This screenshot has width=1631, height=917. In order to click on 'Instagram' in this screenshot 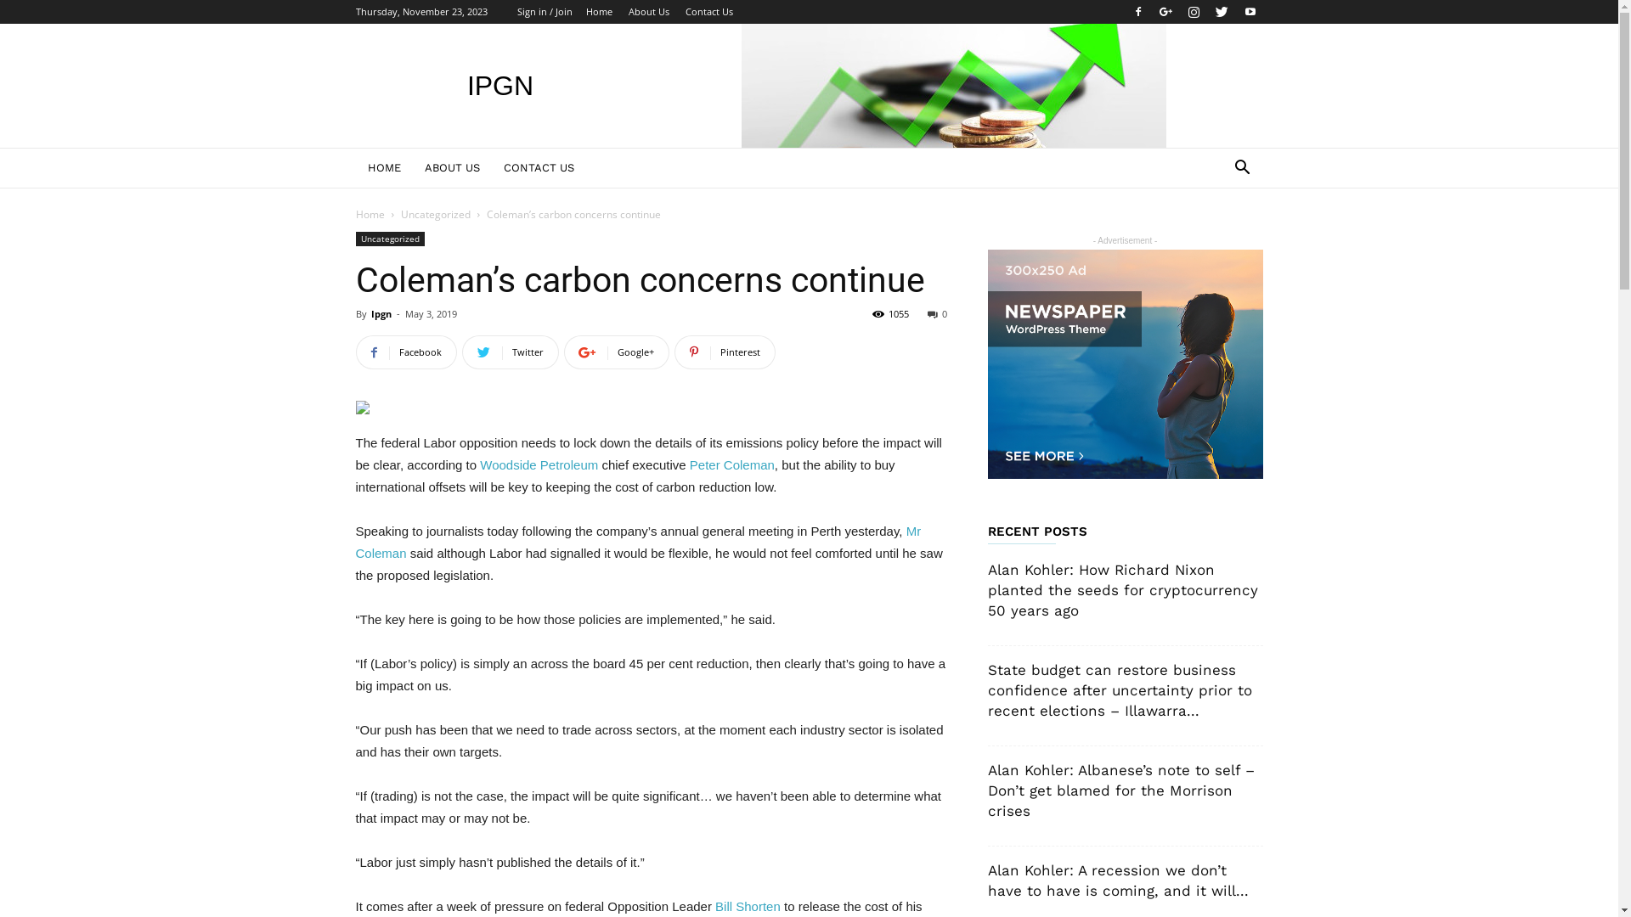, I will do `click(1193, 12)`.